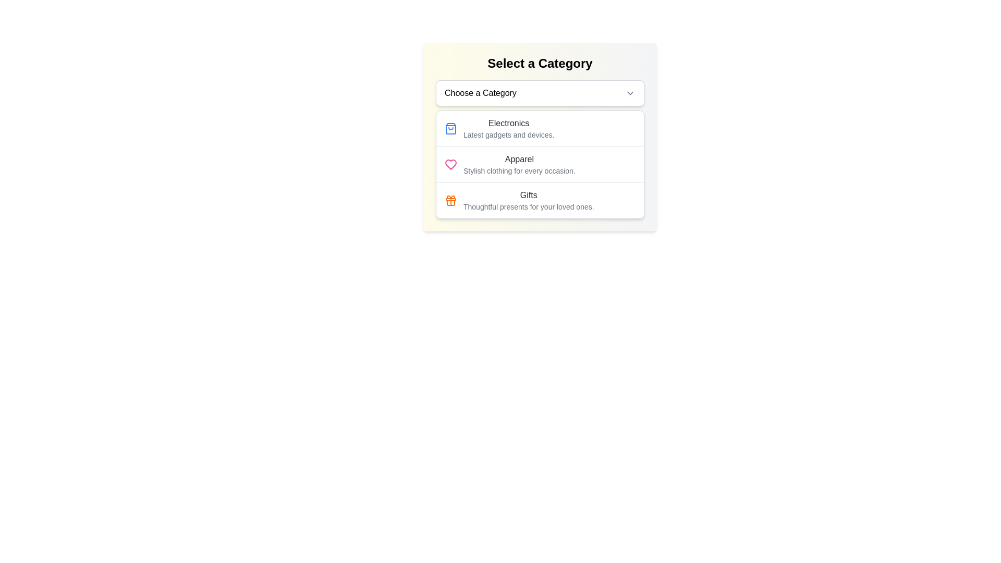 The width and height of the screenshot is (1001, 563). What do you see at coordinates (450, 164) in the screenshot?
I see `the Apparel category icon, which is an SVG graphic located to the left of the text label in the Apparel category row` at bounding box center [450, 164].